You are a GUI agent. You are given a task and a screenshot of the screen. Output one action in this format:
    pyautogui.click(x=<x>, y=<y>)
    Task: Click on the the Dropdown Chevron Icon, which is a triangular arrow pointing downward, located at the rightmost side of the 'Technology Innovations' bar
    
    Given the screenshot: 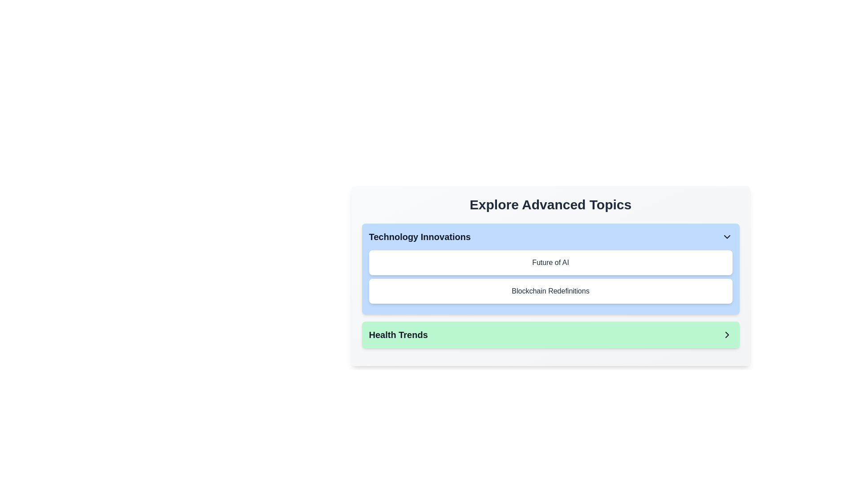 What is the action you would take?
    pyautogui.click(x=727, y=236)
    